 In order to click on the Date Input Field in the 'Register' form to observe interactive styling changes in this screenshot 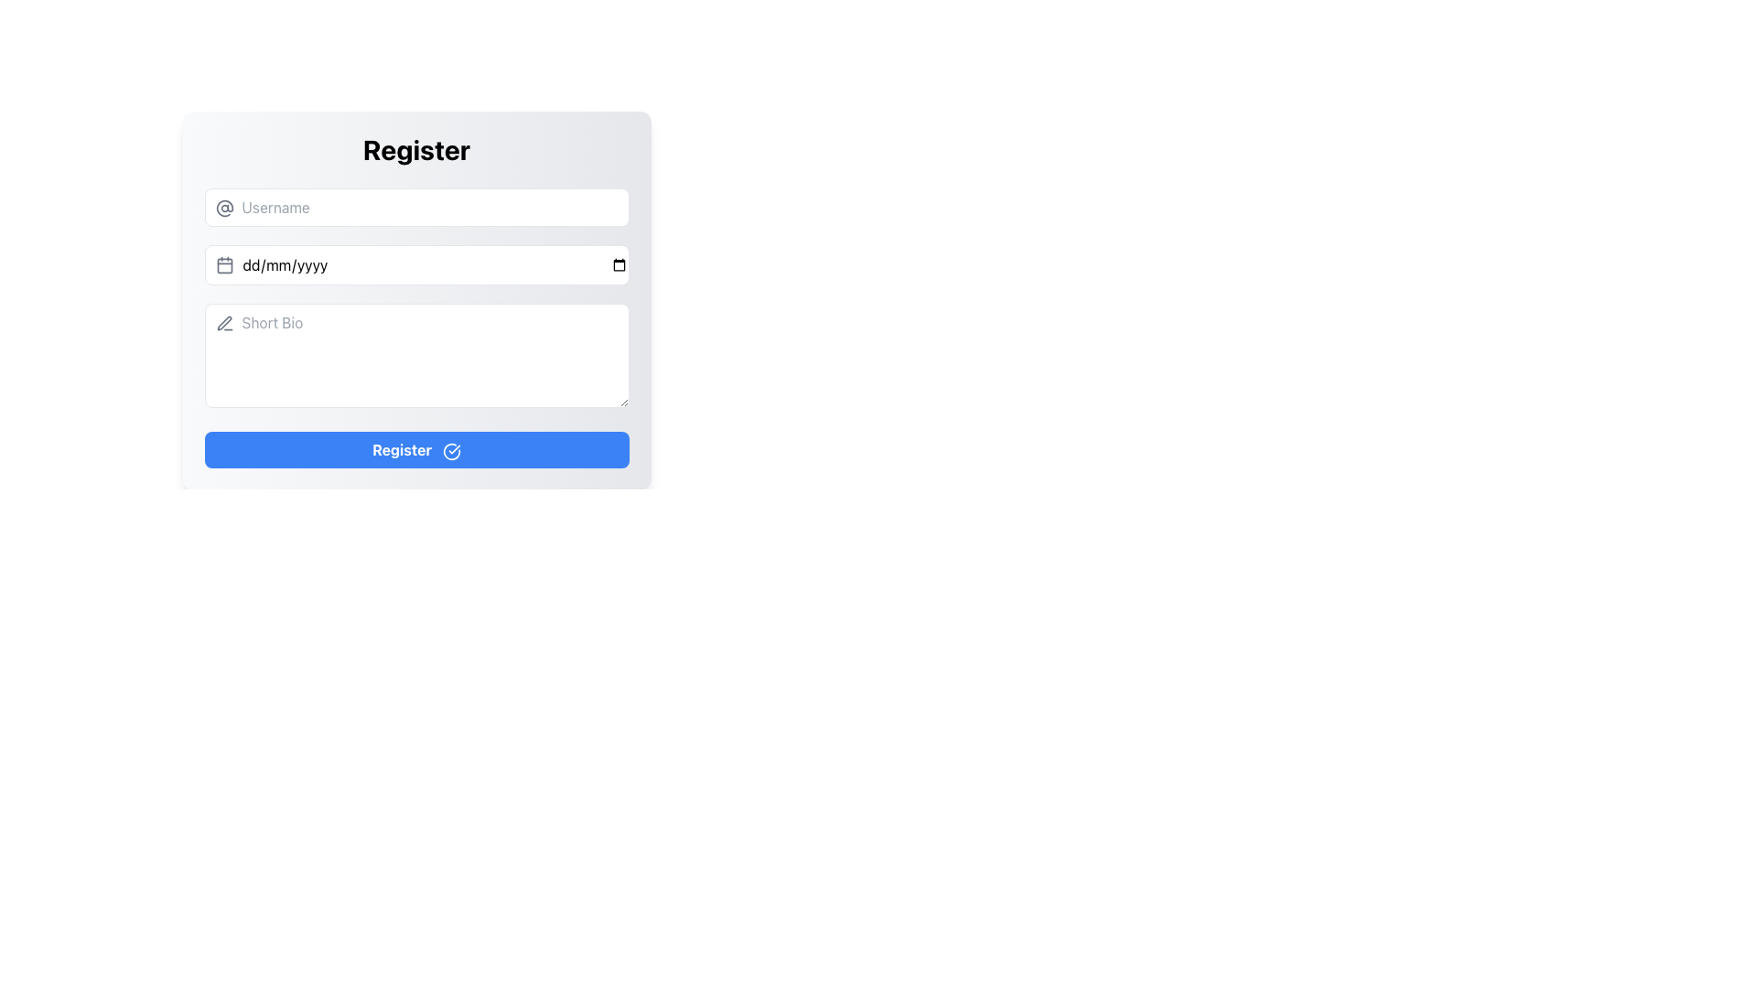, I will do `click(415, 264)`.